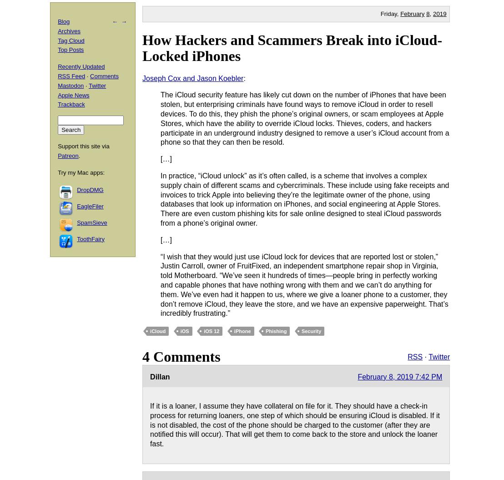  I want to click on 'DropDMG', so click(90, 189).